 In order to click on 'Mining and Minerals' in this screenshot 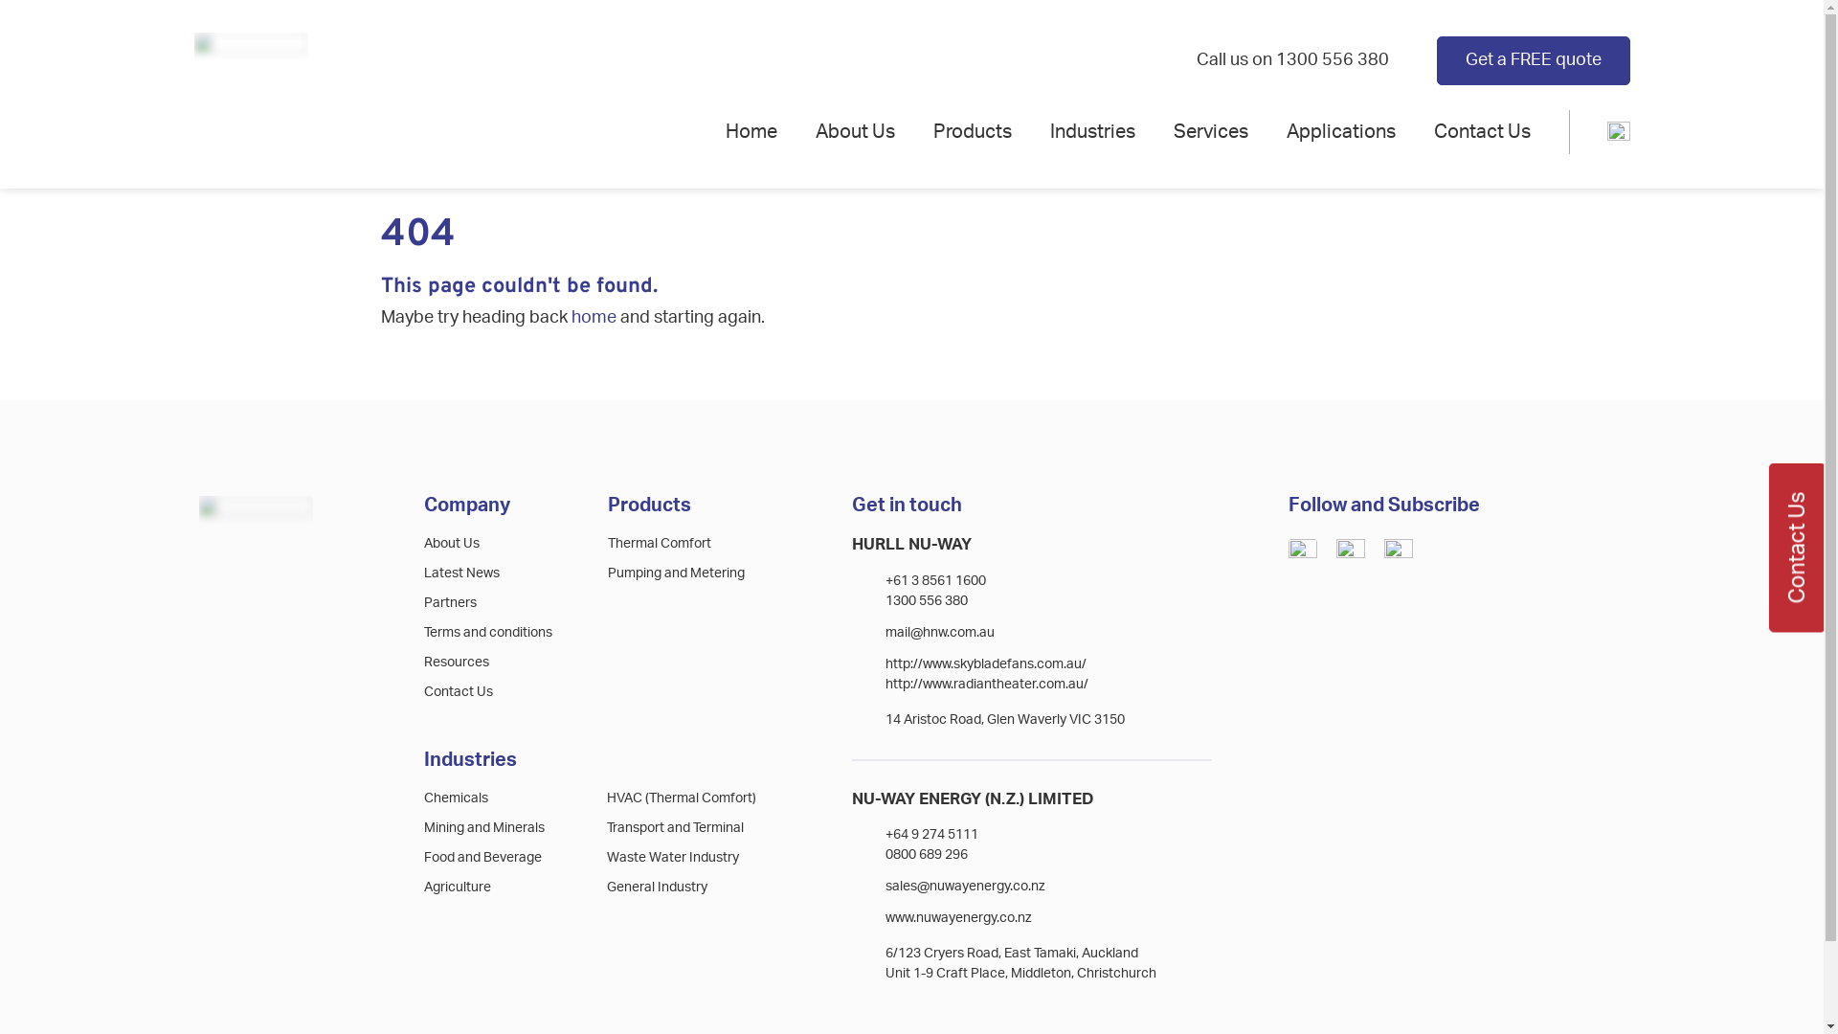, I will do `click(483, 826)`.